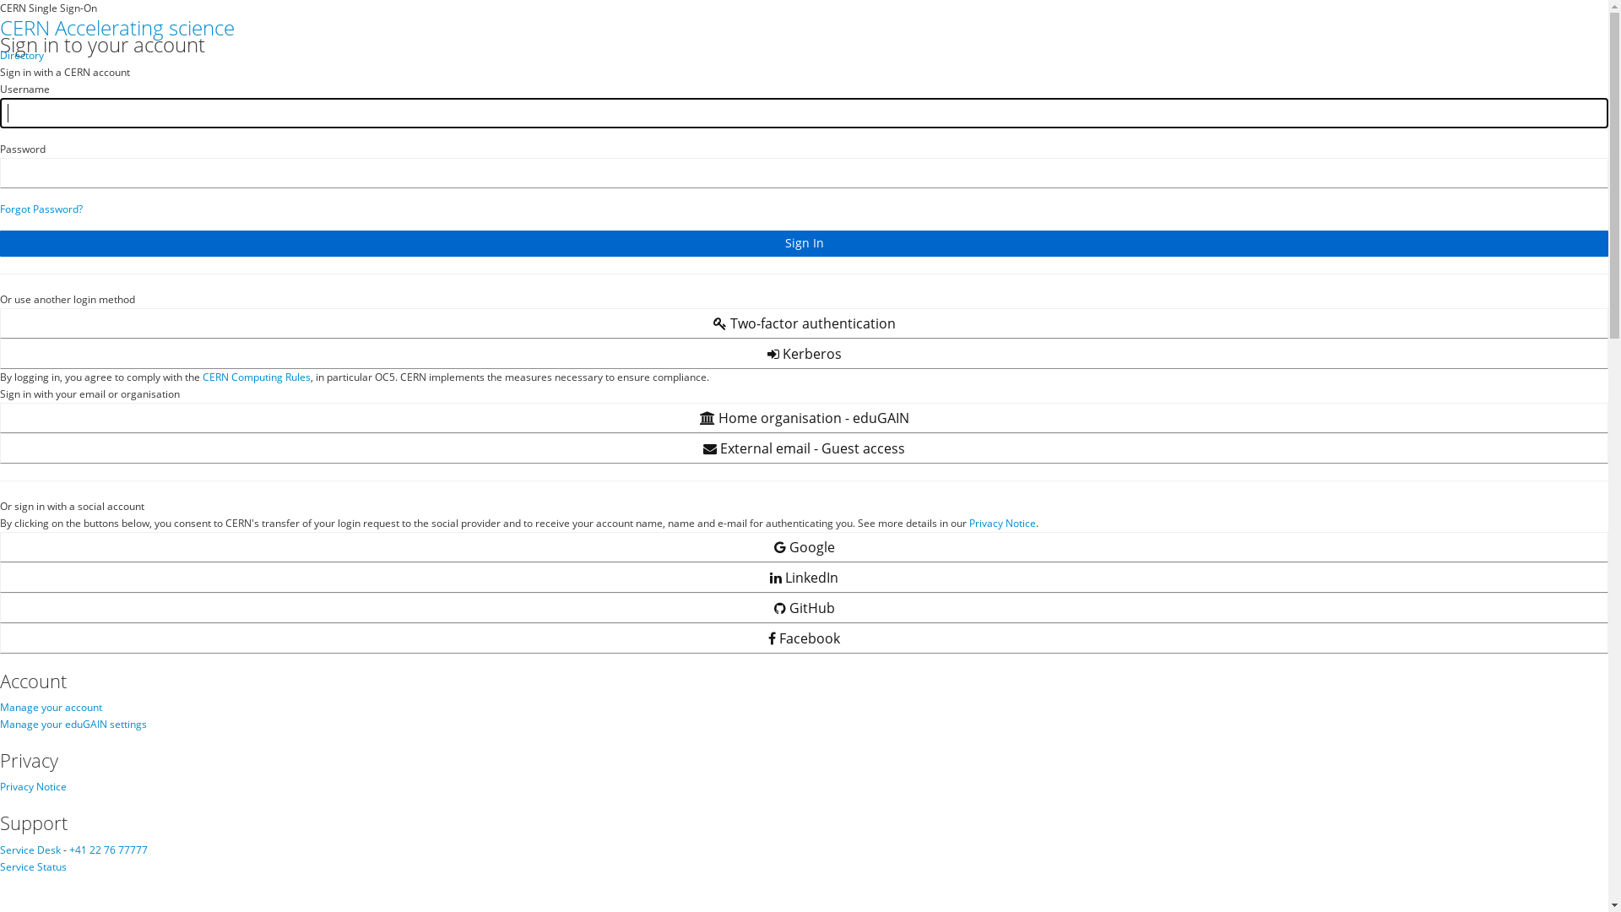 This screenshot has width=1621, height=912. Describe the element at coordinates (255, 376) in the screenshot. I see `'CERN Computing Rules'` at that location.